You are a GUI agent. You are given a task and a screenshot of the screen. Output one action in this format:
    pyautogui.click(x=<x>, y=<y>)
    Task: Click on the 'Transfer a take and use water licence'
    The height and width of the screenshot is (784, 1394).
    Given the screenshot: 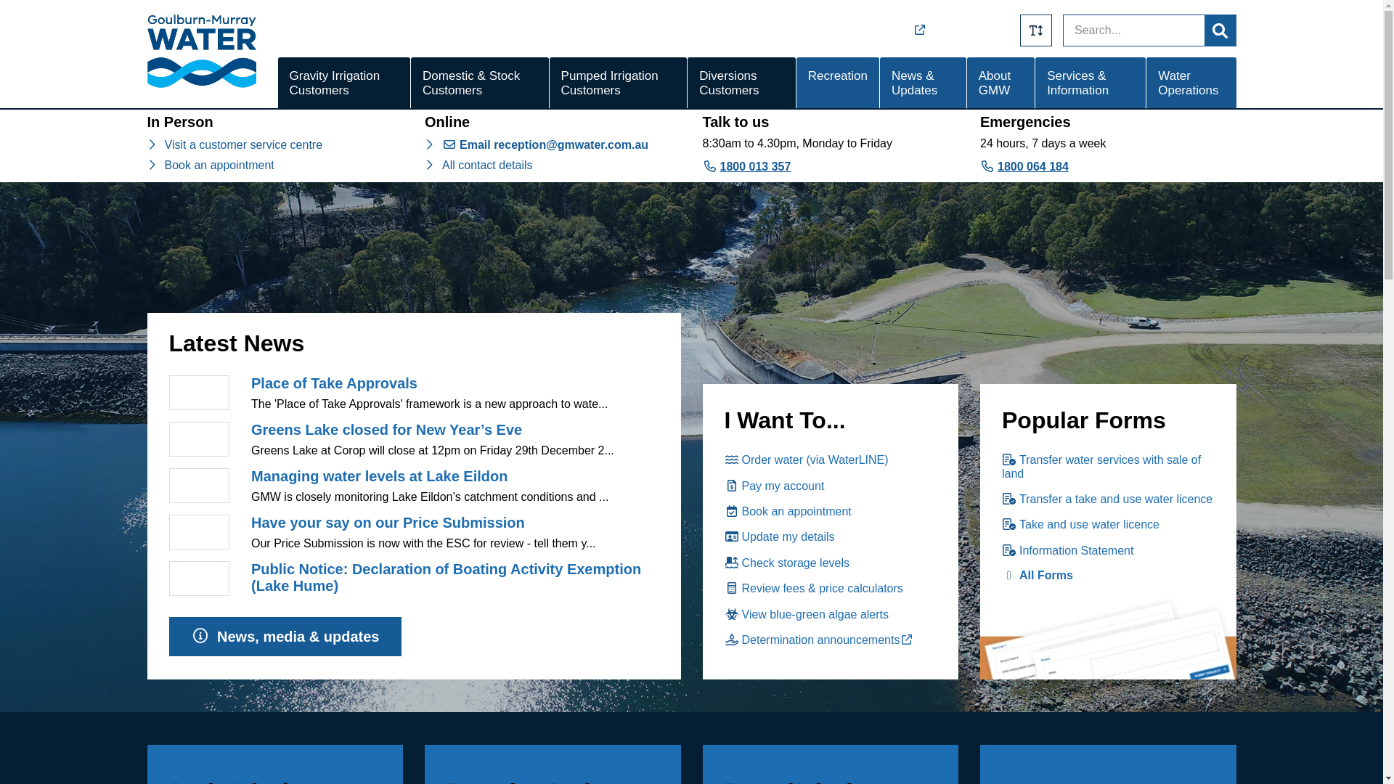 What is the action you would take?
    pyautogui.click(x=1106, y=498)
    